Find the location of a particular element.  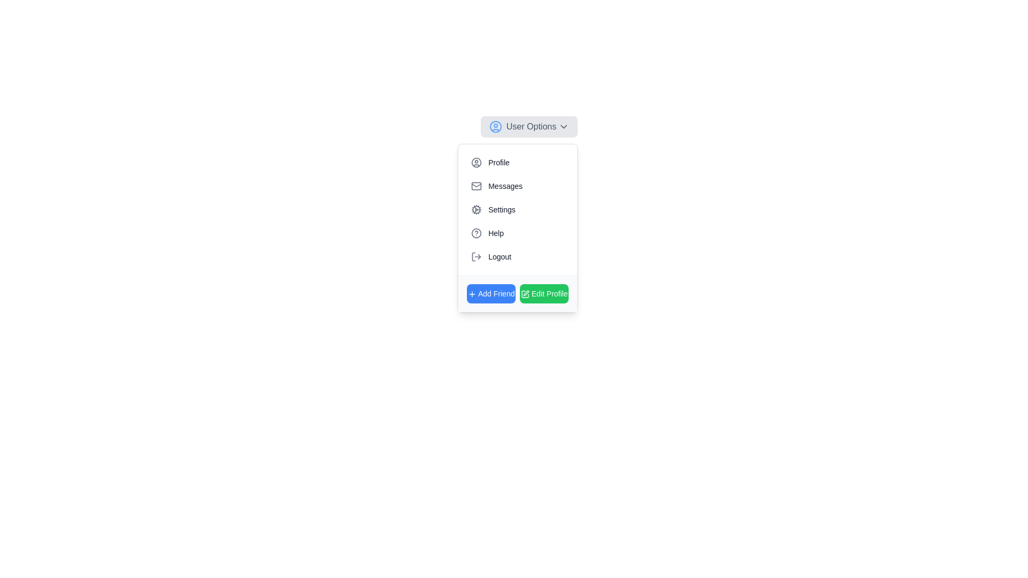

the 'Help' menu item, which is the fourth item in a vertical menu list located below 'Settings' and above 'Logout' is located at coordinates (518, 232).